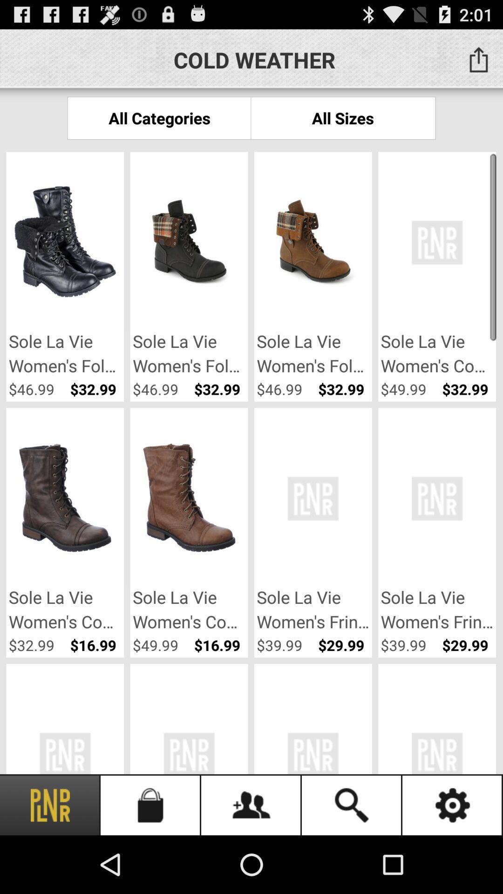 The image size is (503, 894). I want to click on the all categories item, so click(159, 117).